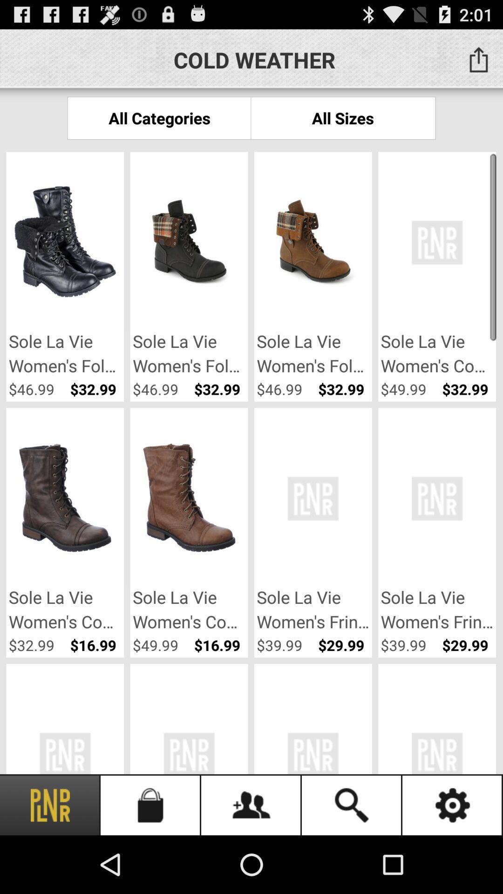 The image size is (503, 894). I want to click on the all categories item, so click(159, 117).